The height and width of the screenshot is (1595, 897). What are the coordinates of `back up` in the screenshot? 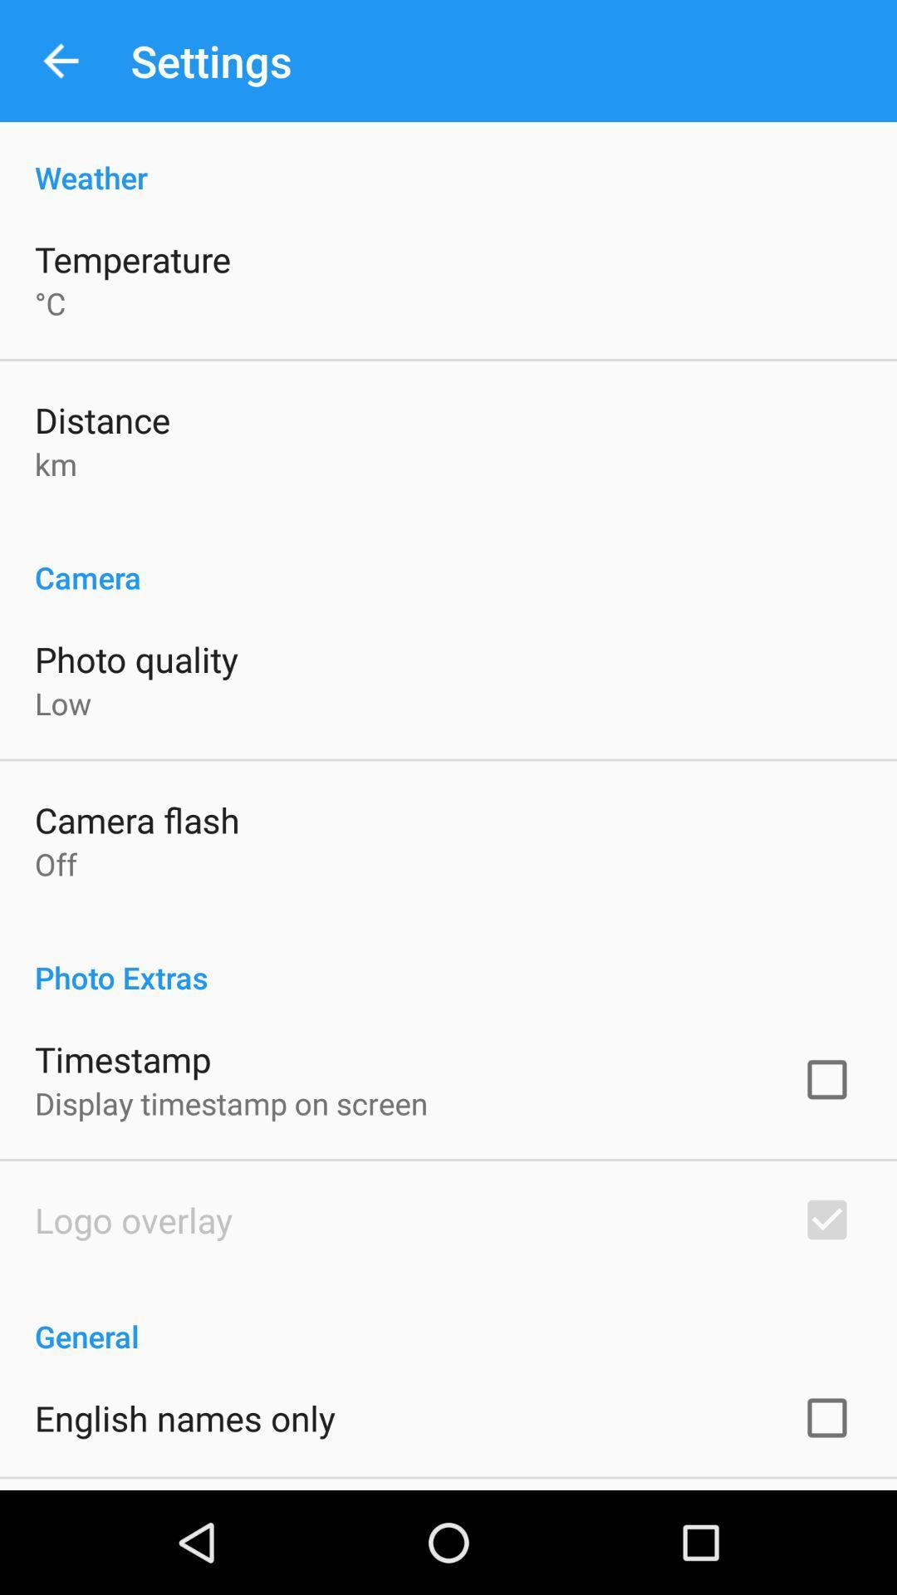 It's located at (60, 61).